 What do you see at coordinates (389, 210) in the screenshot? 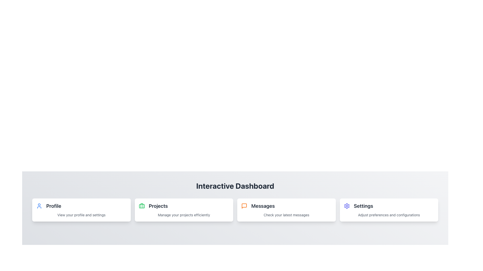
I see `the informational card that directs users to the settings section of the application, located at the far-right of a horizontally aligned grid of four cards` at bounding box center [389, 210].